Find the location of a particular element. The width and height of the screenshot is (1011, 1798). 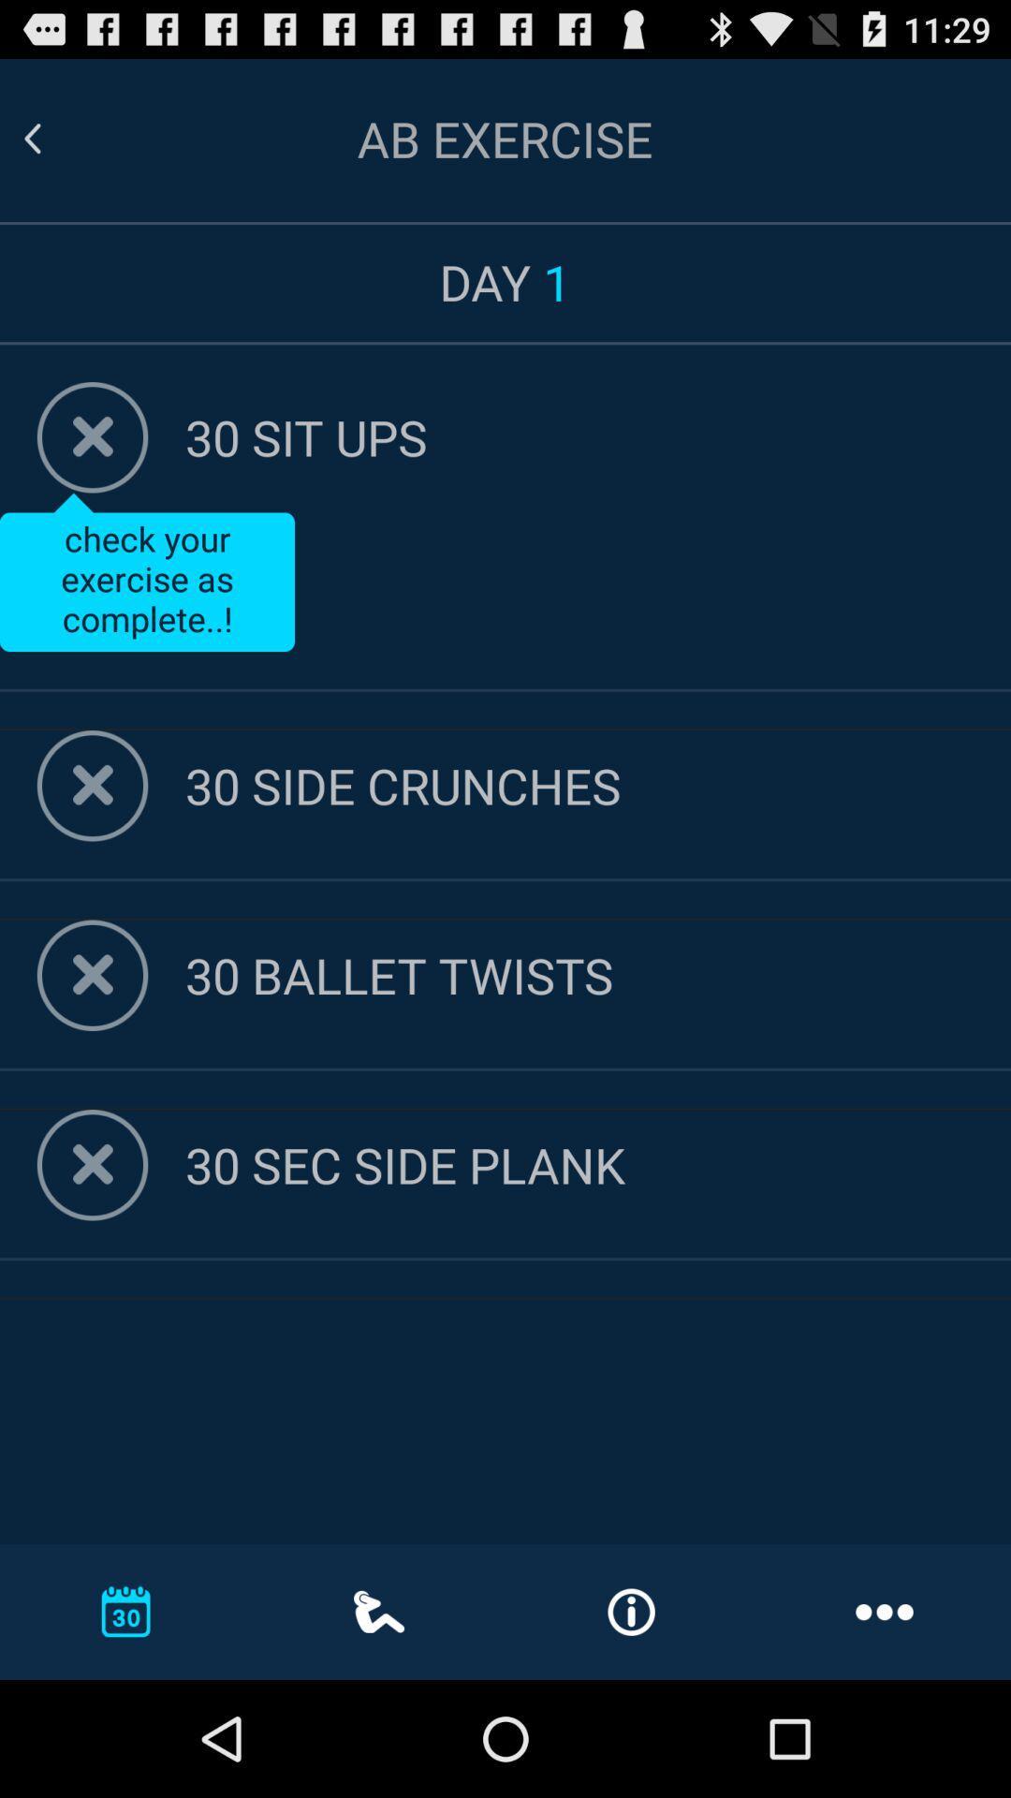

the icon above the check your exercise icon is located at coordinates (598, 435).